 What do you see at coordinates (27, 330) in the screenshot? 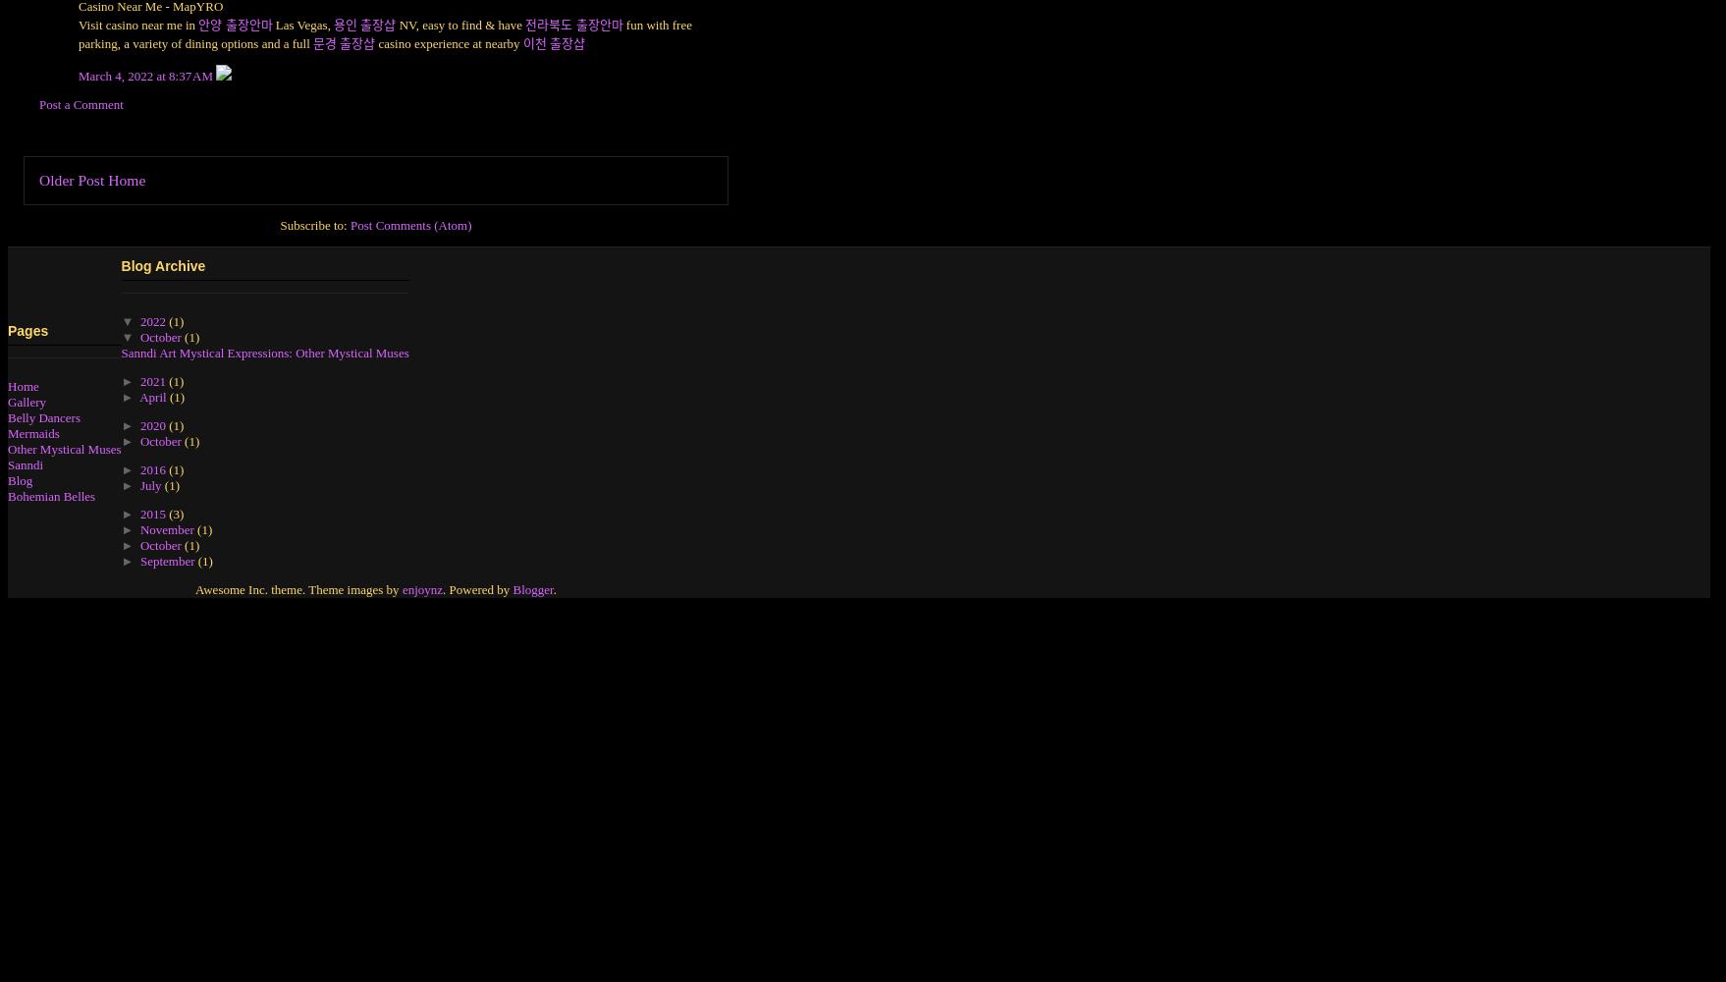
I see `'Pages'` at bounding box center [27, 330].